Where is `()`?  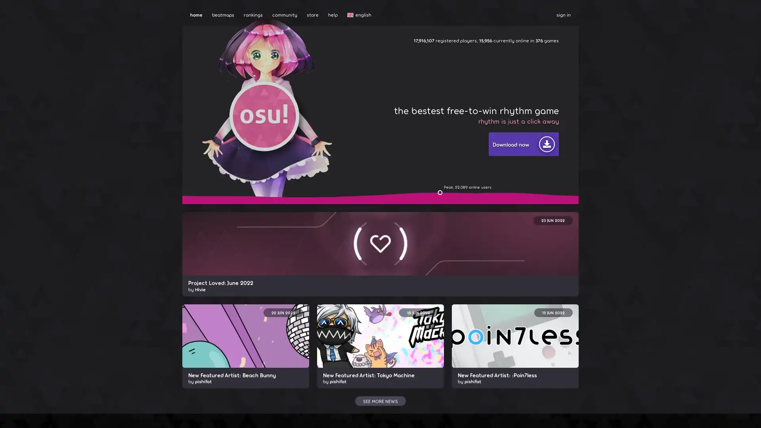 () is located at coordinates (371, 326).